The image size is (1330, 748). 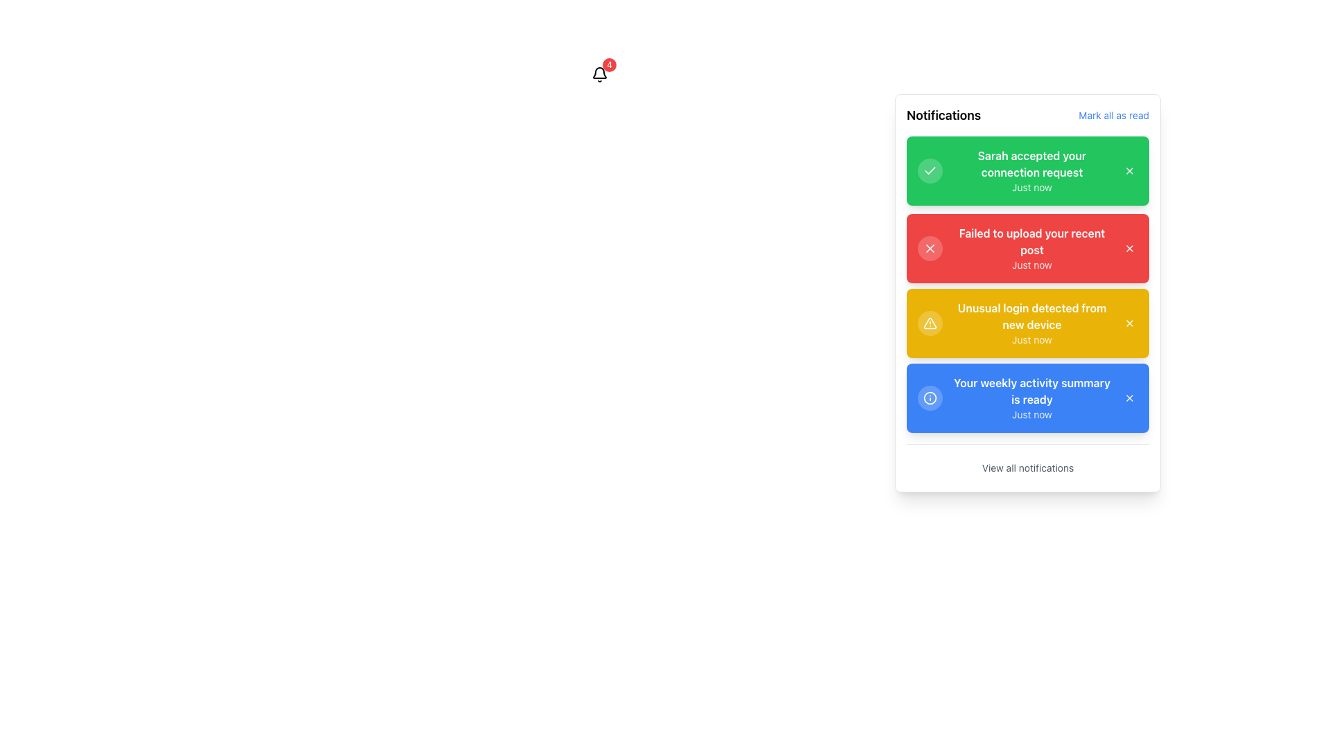 I want to click on the text label that indicates 'Sarah accepted your connection request.' located within the first notification card with a green background for further options or context, so click(x=1031, y=163).